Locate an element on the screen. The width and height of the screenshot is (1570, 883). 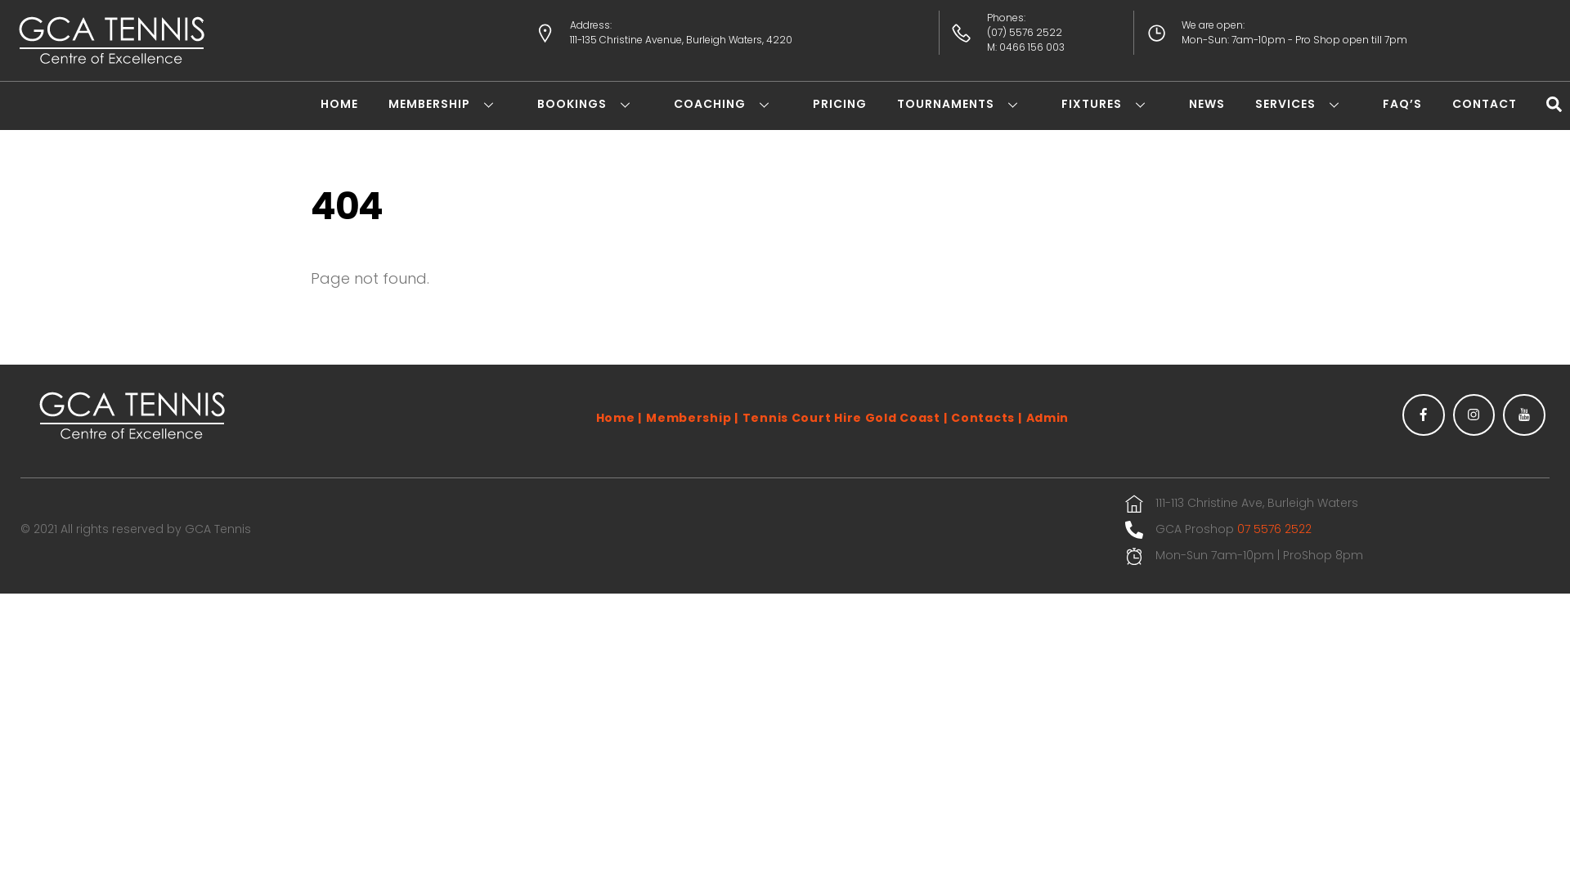
'Tennis Court Hire Gold Coast |' is located at coordinates (845, 416).